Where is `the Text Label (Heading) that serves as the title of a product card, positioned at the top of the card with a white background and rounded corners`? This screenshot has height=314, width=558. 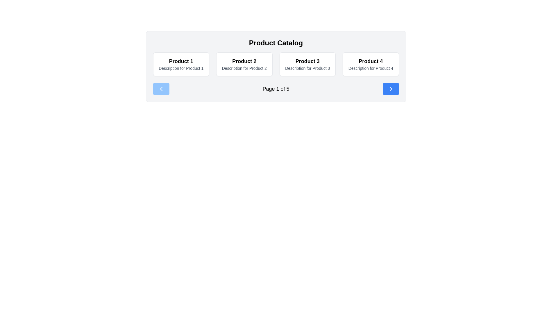 the Text Label (Heading) that serves as the title of a product card, positioned at the top of the card with a white background and rounded corners is located at coordinates (181, 61).